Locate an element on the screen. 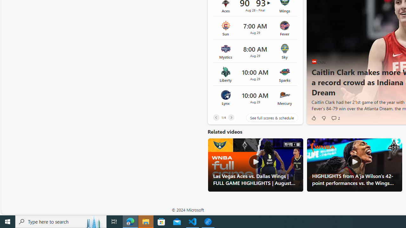 The width and height of the screenshot is (406, 228). 'Liberty vs Sparks Time 10:00 AM Date Aug 29' is located at coordinates (255, 74).